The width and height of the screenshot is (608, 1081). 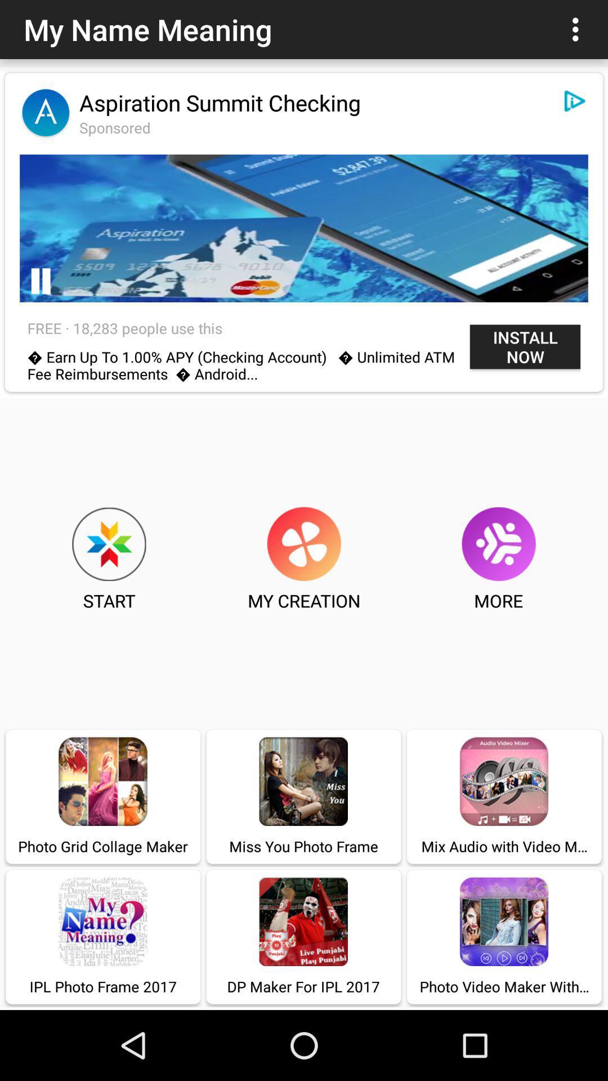 What do you see at coordinates (40, 281) in the screenshot?
I see `item above the free 18 283 icon` at bounding box center [40, 281].